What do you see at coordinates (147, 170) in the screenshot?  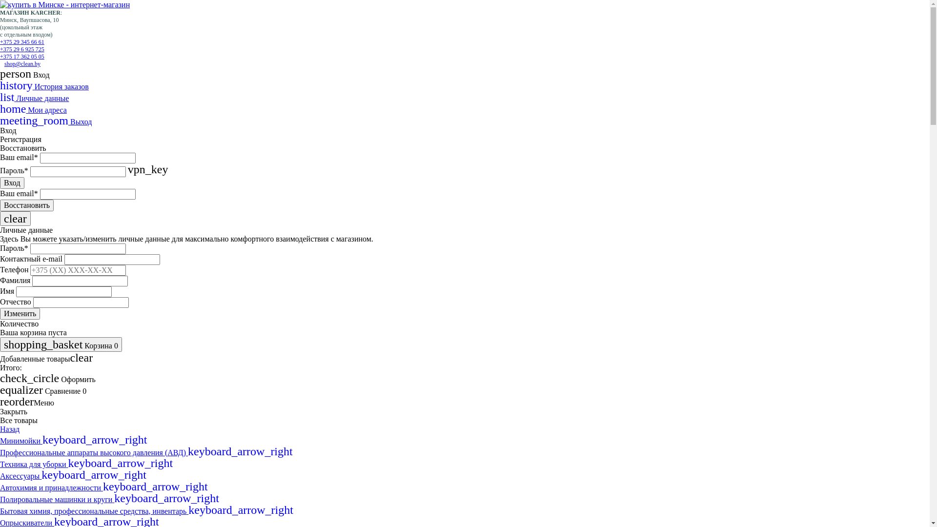 I see `'vpn_key'` at bounding box center [147, 170].